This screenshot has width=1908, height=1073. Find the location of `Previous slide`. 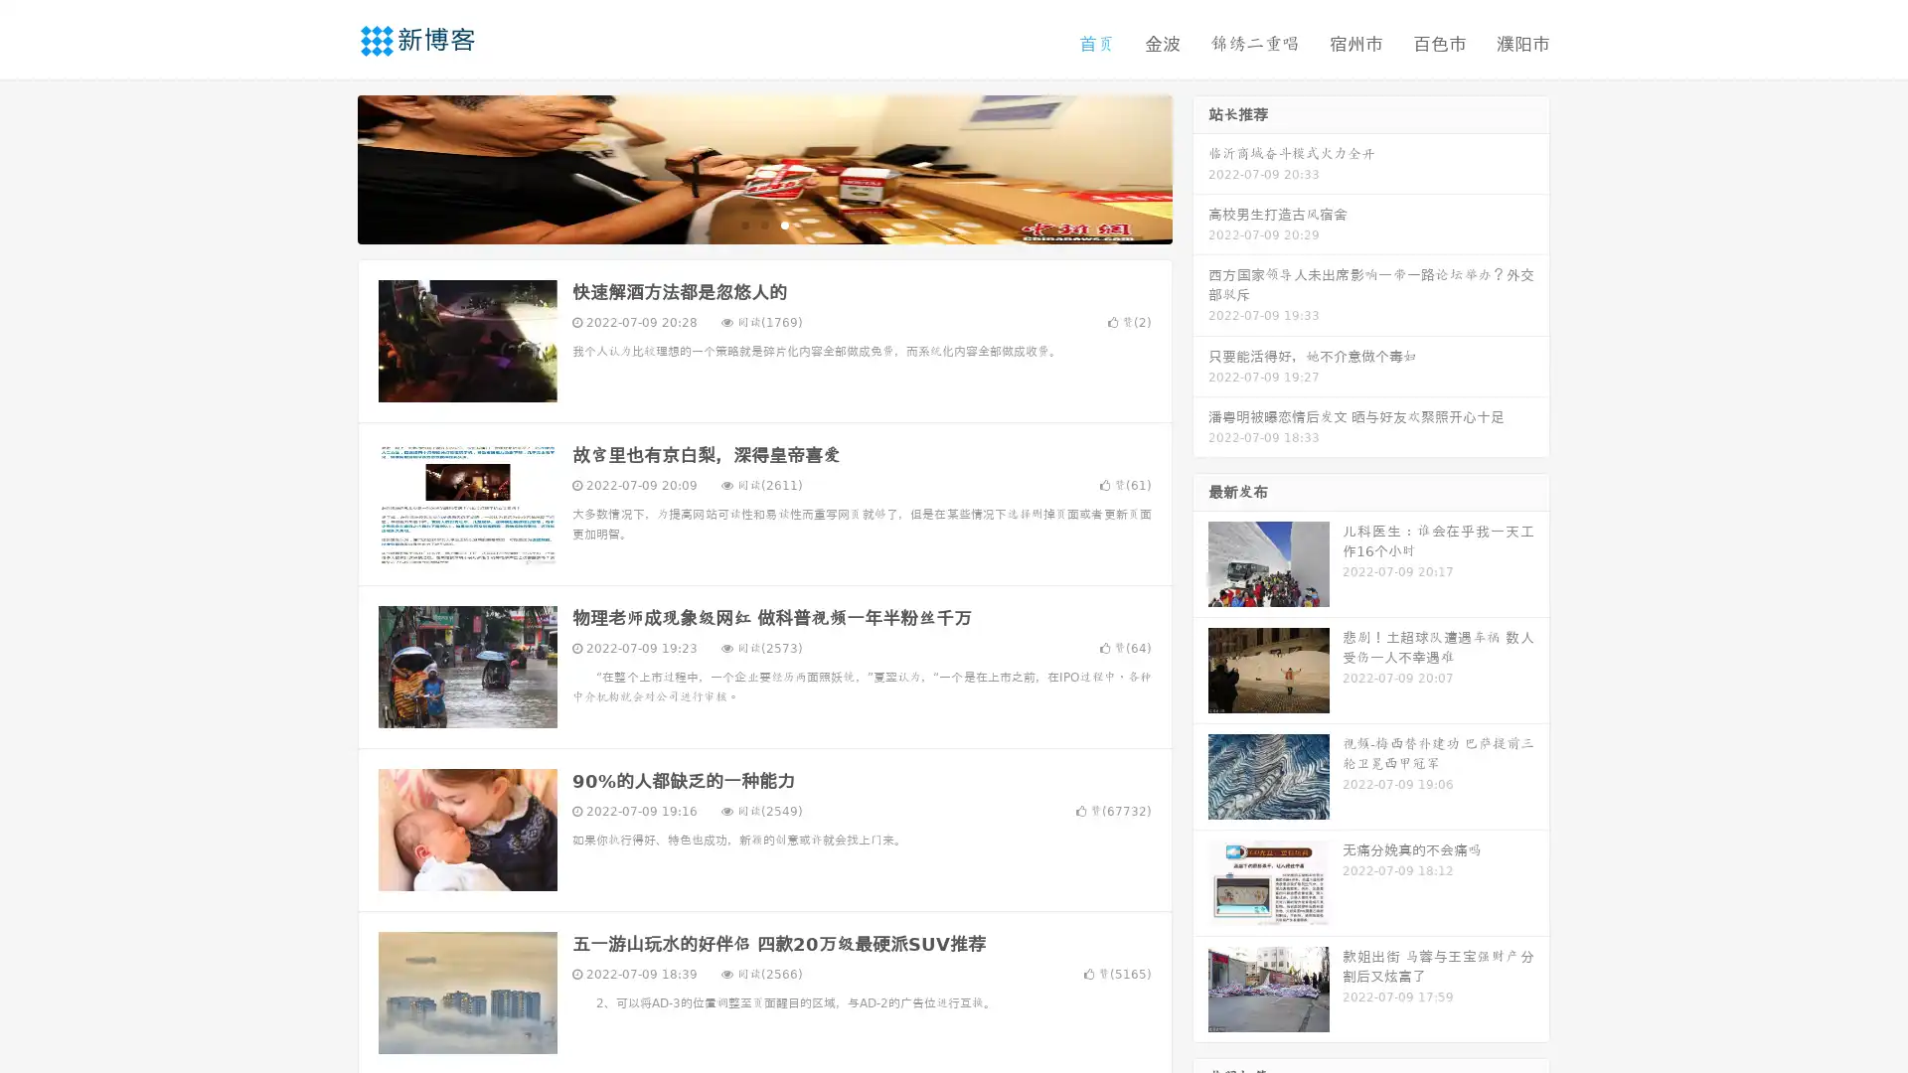

Previous slide is located at coordinates (328, 167).